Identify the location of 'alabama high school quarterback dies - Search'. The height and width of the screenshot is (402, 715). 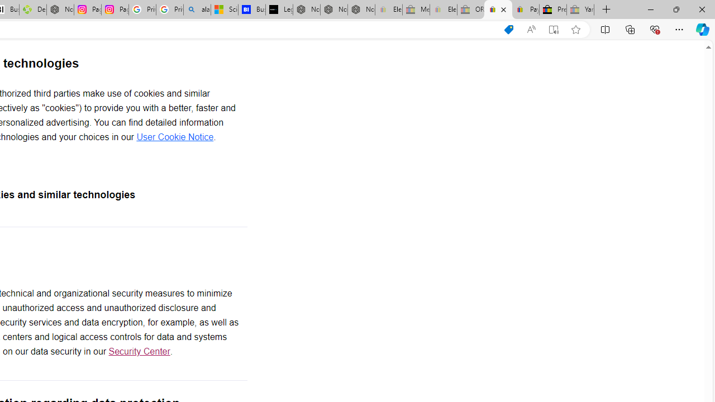
(197, 9).